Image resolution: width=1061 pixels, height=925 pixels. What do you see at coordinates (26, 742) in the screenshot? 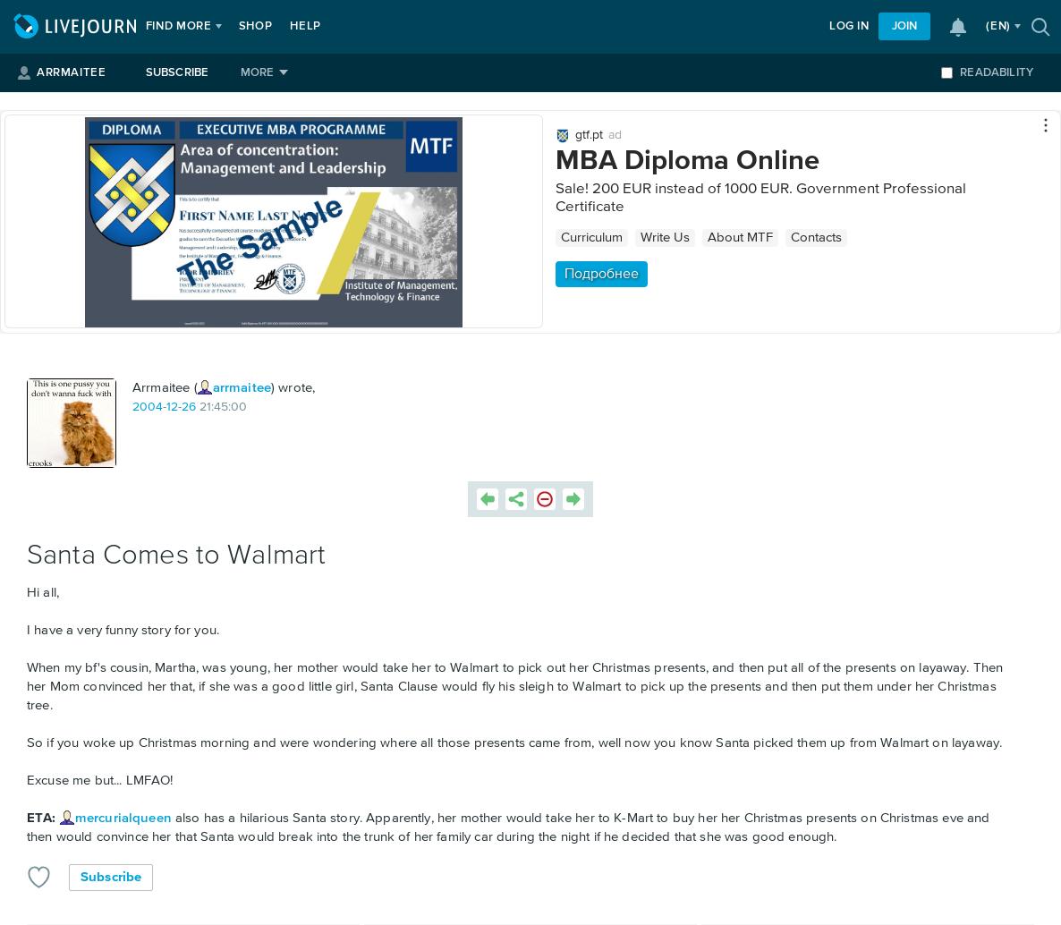
I see `'So if you woke up Christmas morning and were wondering where all those presents came from, well now you know Santa picked them up from Walmart on layaway.'` at bounding box center [26, 742].